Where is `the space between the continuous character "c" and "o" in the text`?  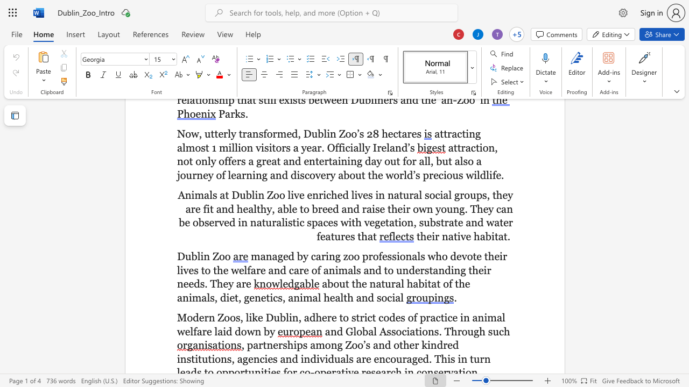 the space between the continuous character "c" and "o" in the text is located at coordinates (383, 317).